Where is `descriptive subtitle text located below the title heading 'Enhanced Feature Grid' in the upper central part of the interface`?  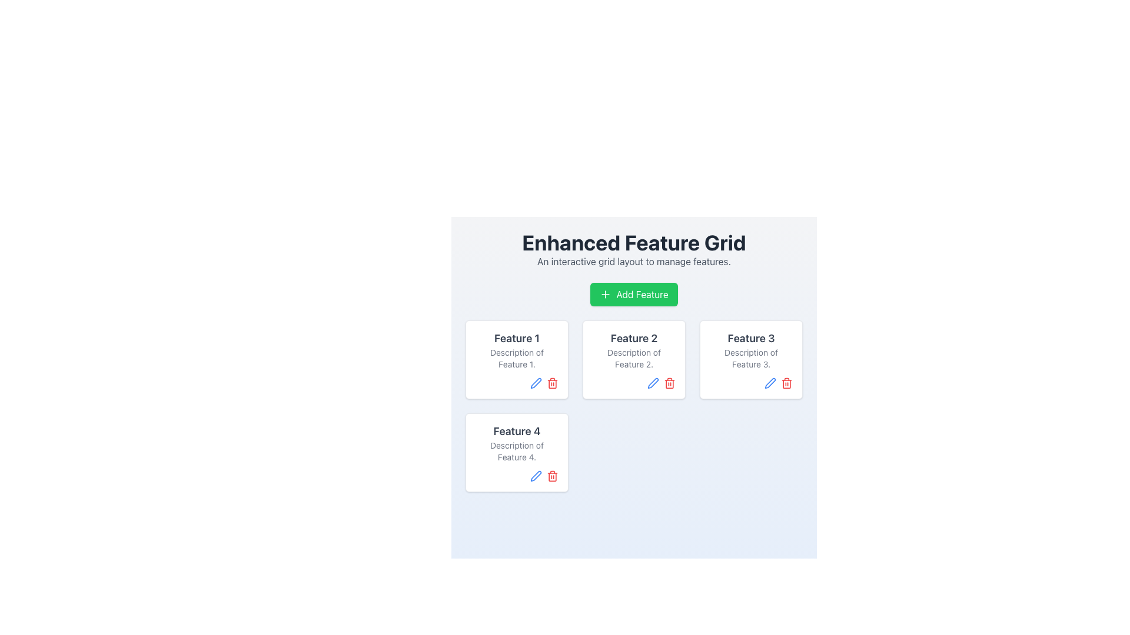
descriptive subtitle text located below the title heading 'Enhanced Feature Grid' in the upper central part of the interface is located at coordinates (633, 260).